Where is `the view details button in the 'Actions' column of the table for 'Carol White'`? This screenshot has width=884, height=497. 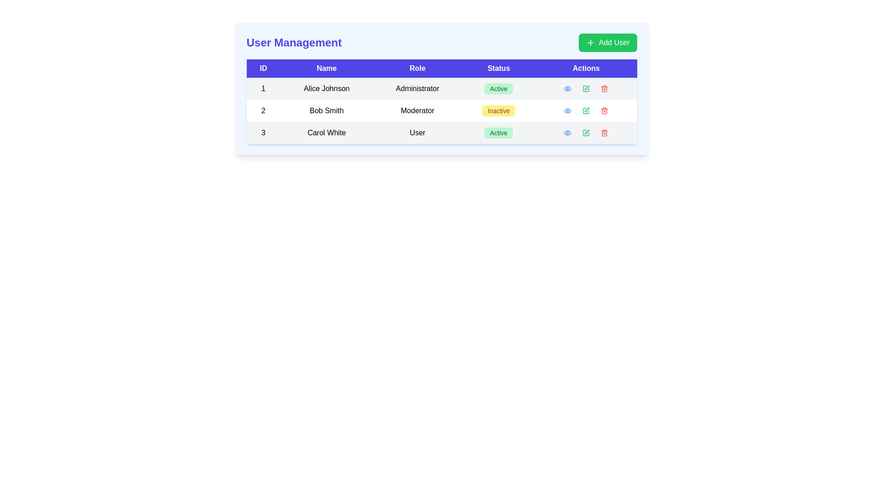 the view details button in the 'Actions' column of the table for 'Carol White' is located at coordinates (567, 133).